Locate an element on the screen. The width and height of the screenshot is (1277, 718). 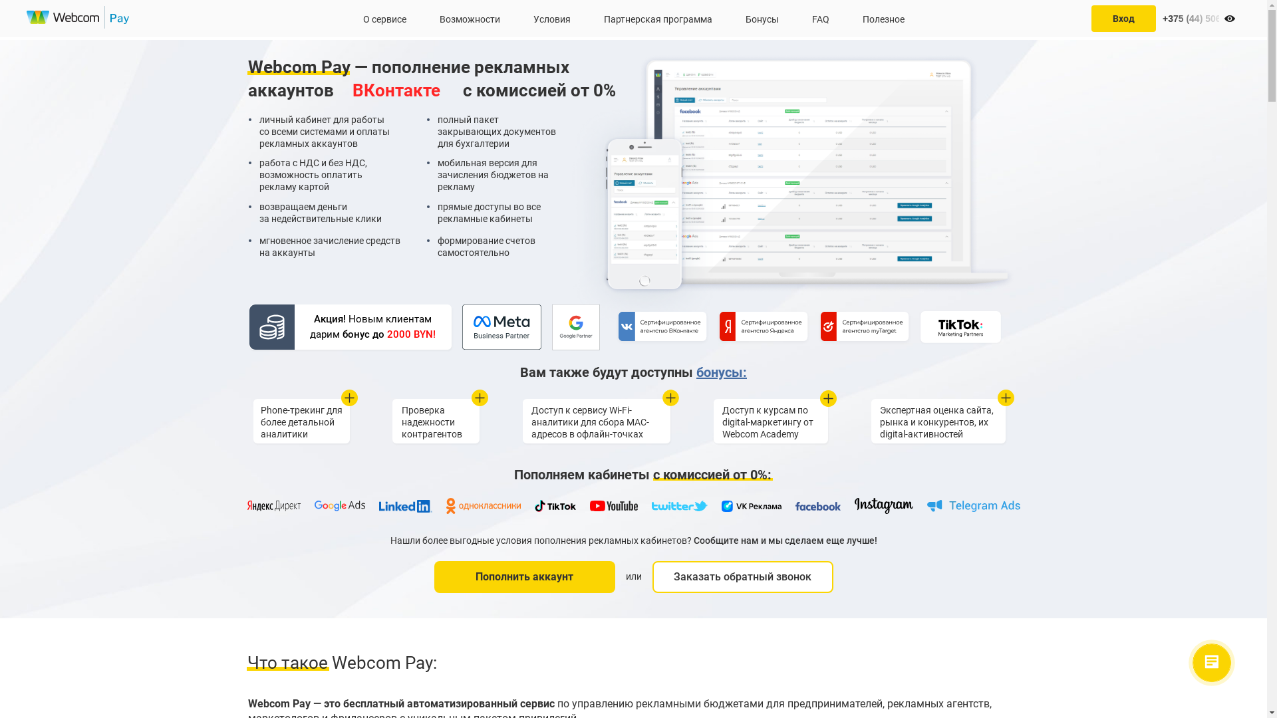
'FAQ' is located at coordinates (819, 18).